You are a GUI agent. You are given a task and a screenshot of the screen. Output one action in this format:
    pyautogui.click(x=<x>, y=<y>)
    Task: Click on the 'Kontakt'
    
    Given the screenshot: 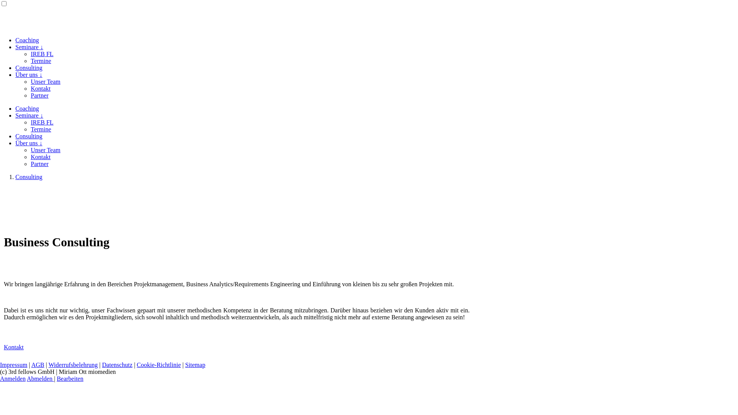 What is the action you would take?
    pyautogui.click(x=40, y=156)
    